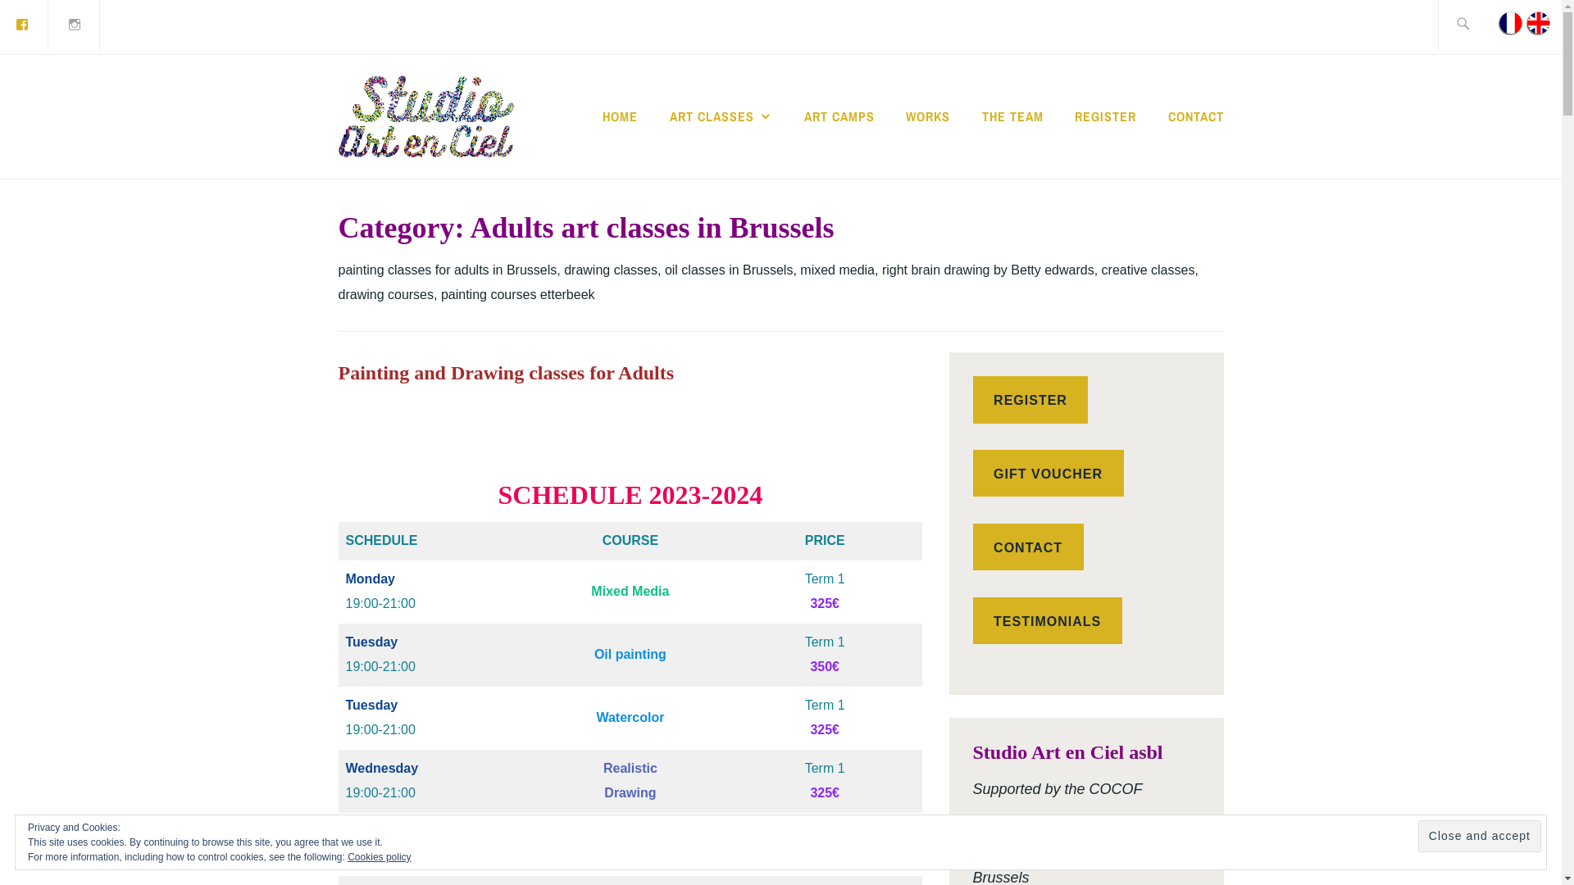 The width and height of the screenshot is (1574, 885). I want to click on 'Search for:', so click(1481, 25).